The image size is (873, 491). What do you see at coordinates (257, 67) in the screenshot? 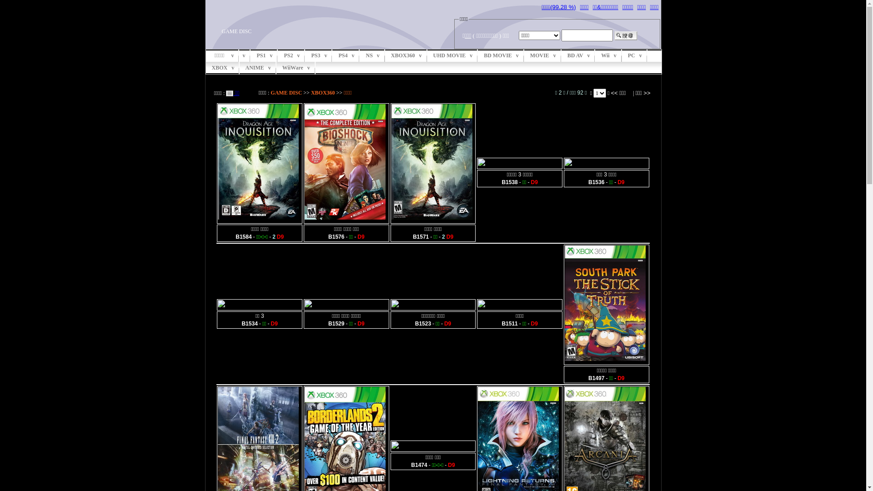
I see `'  ANIME  '` at bounding box center [257, 67].